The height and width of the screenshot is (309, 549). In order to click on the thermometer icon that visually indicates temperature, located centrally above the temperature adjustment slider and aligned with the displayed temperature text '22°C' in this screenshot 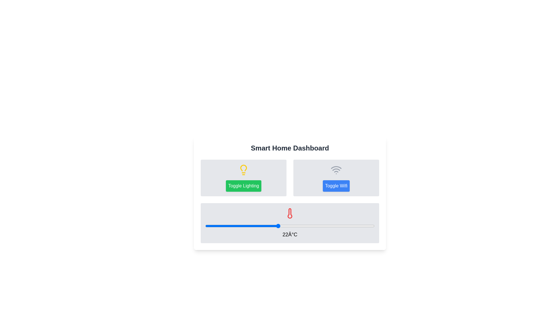, I will do `click(290, 213)`.